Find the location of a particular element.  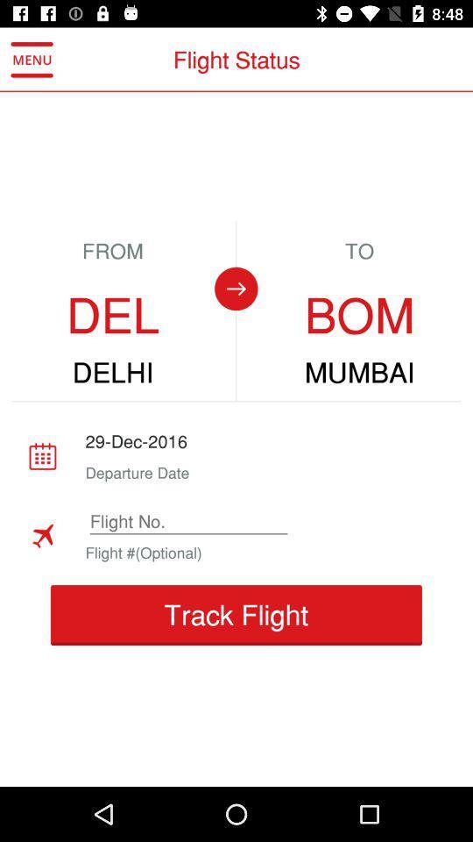

del is located at coordinates (113, 316).